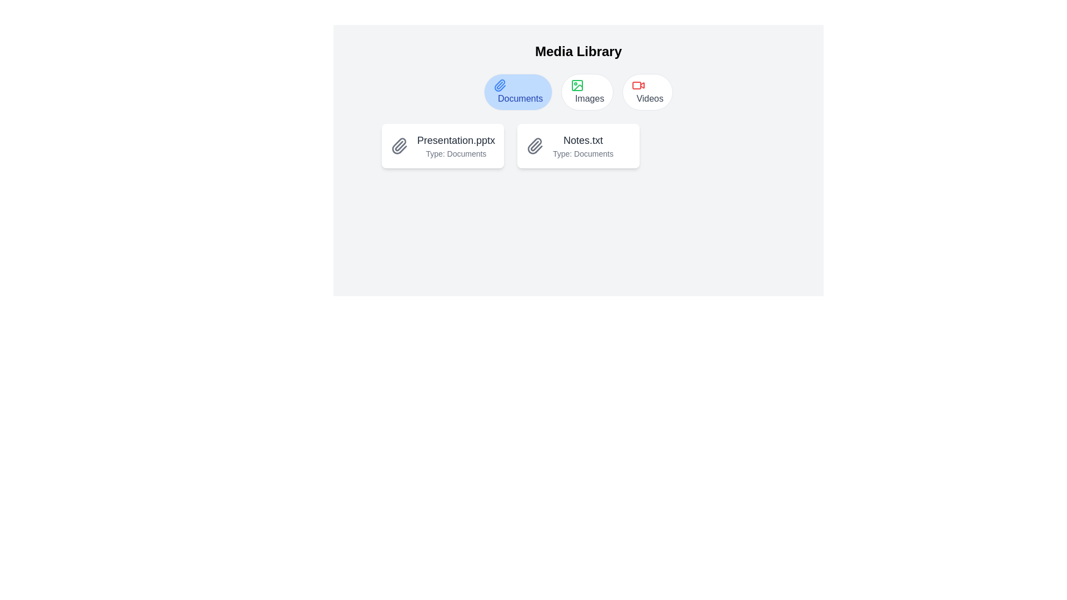  What do you see at coordinates (647, 91) in the screenshot?
I see `the 'Videos' button, which is the third button under the 'Media Library' title` at bounding box center [647, 91].